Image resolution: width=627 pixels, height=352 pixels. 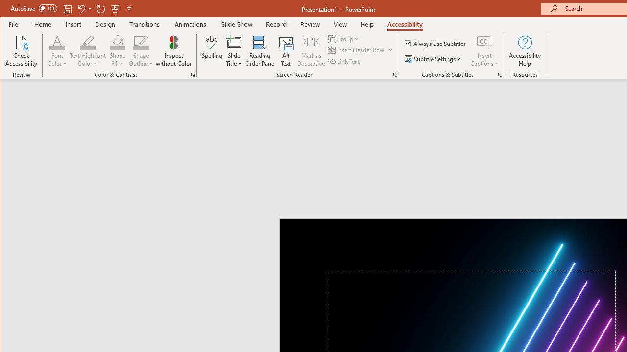 What do you see at coordinates (260, 51) in the screenshot?
I see `'Reading Order Pane'` at bounding box center [260, 51].